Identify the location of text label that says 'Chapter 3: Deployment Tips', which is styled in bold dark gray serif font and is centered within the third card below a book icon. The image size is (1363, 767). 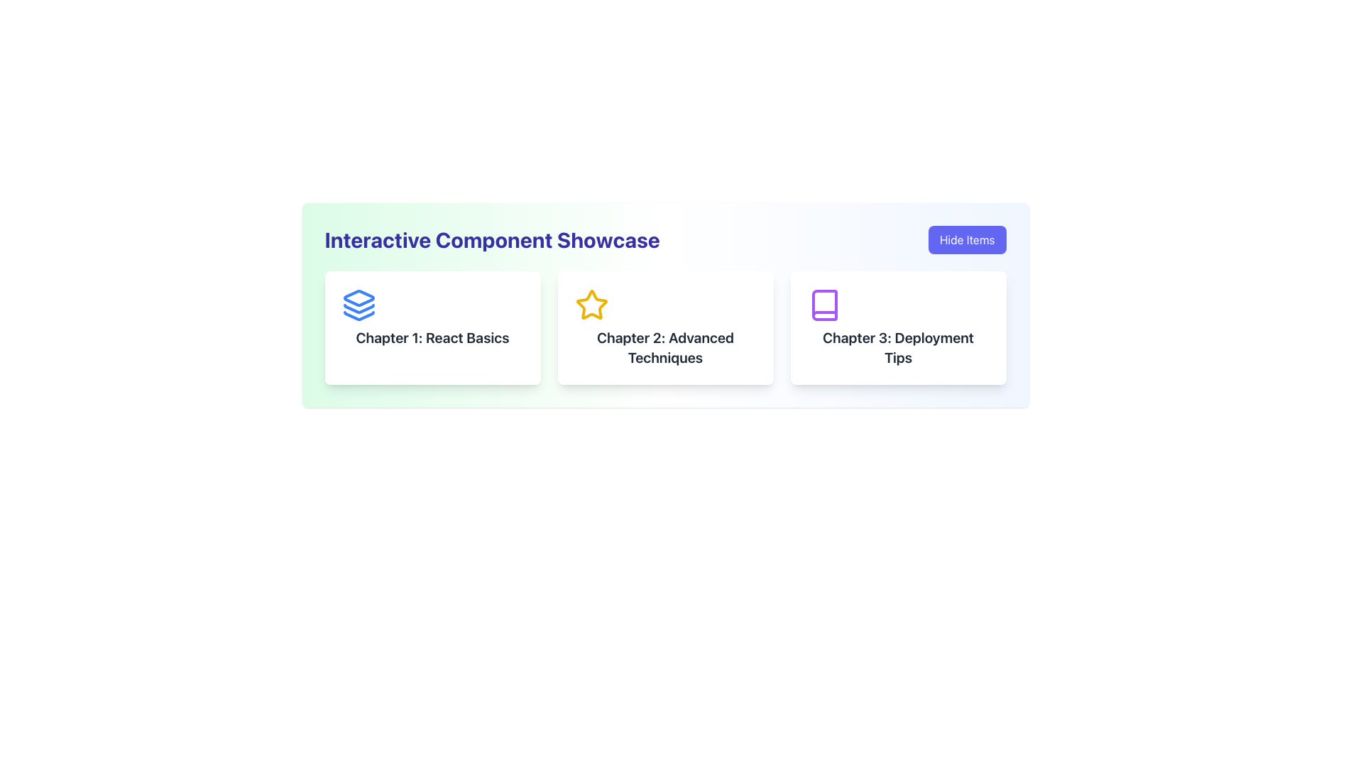
(897, 347).